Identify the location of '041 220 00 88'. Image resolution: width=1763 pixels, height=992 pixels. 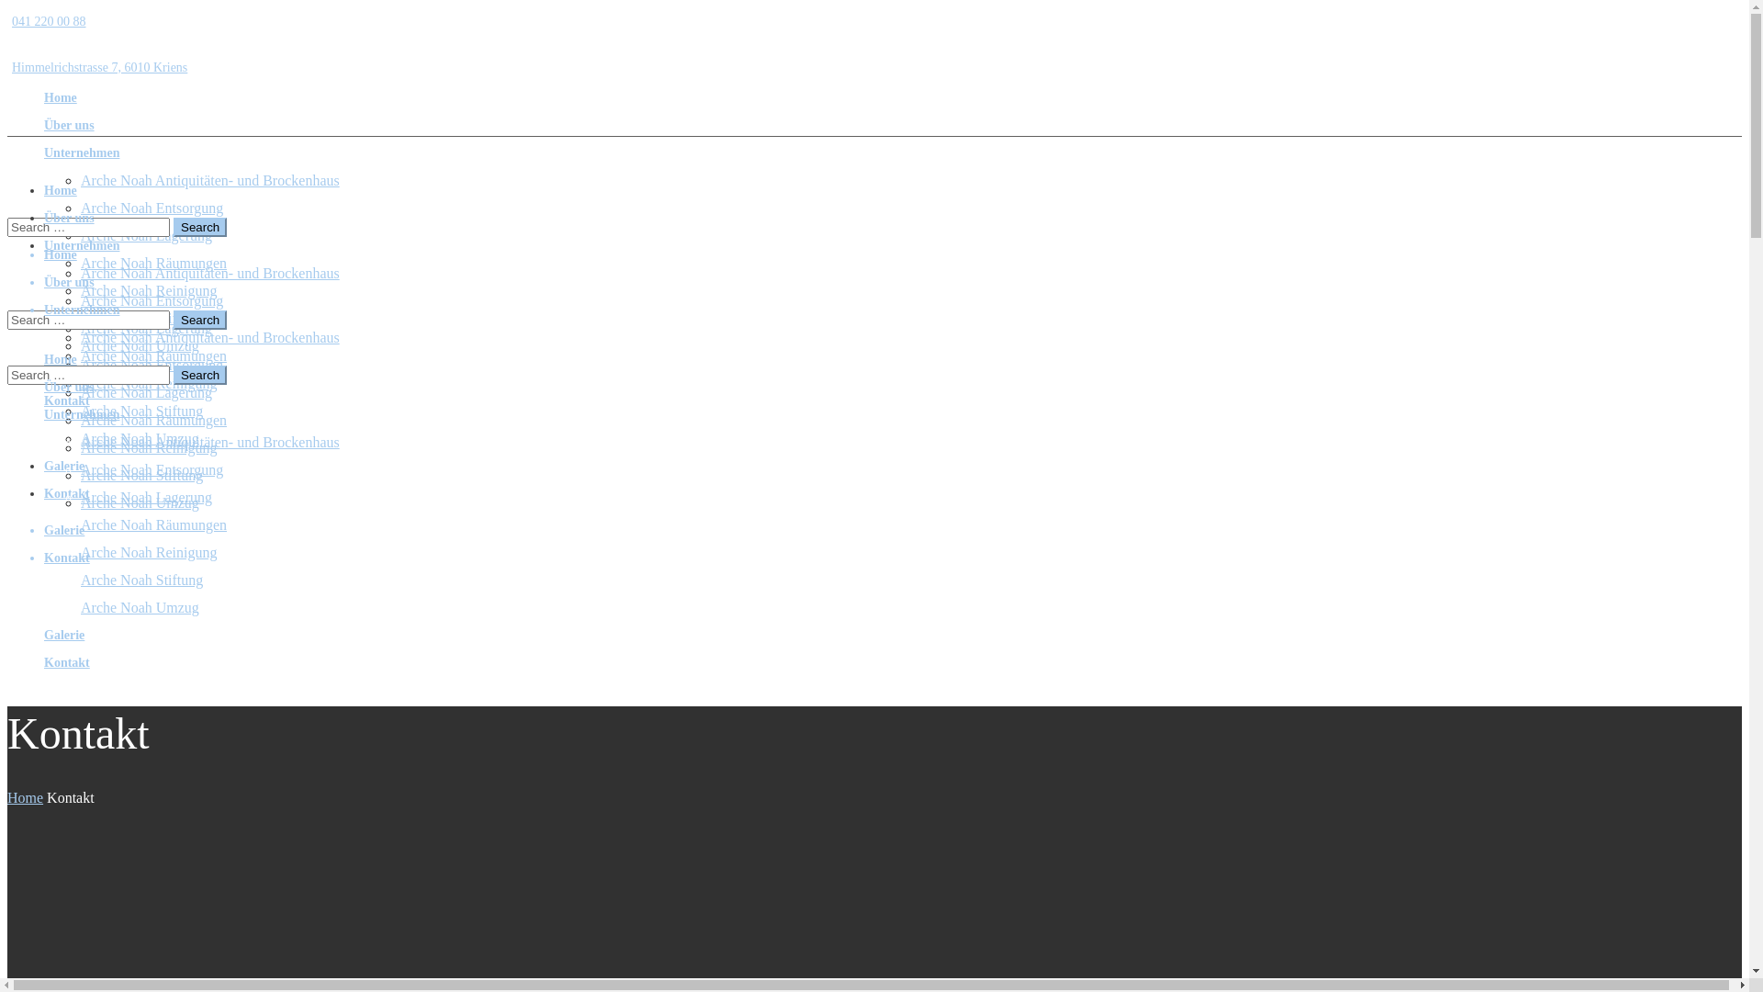
(7, 21).